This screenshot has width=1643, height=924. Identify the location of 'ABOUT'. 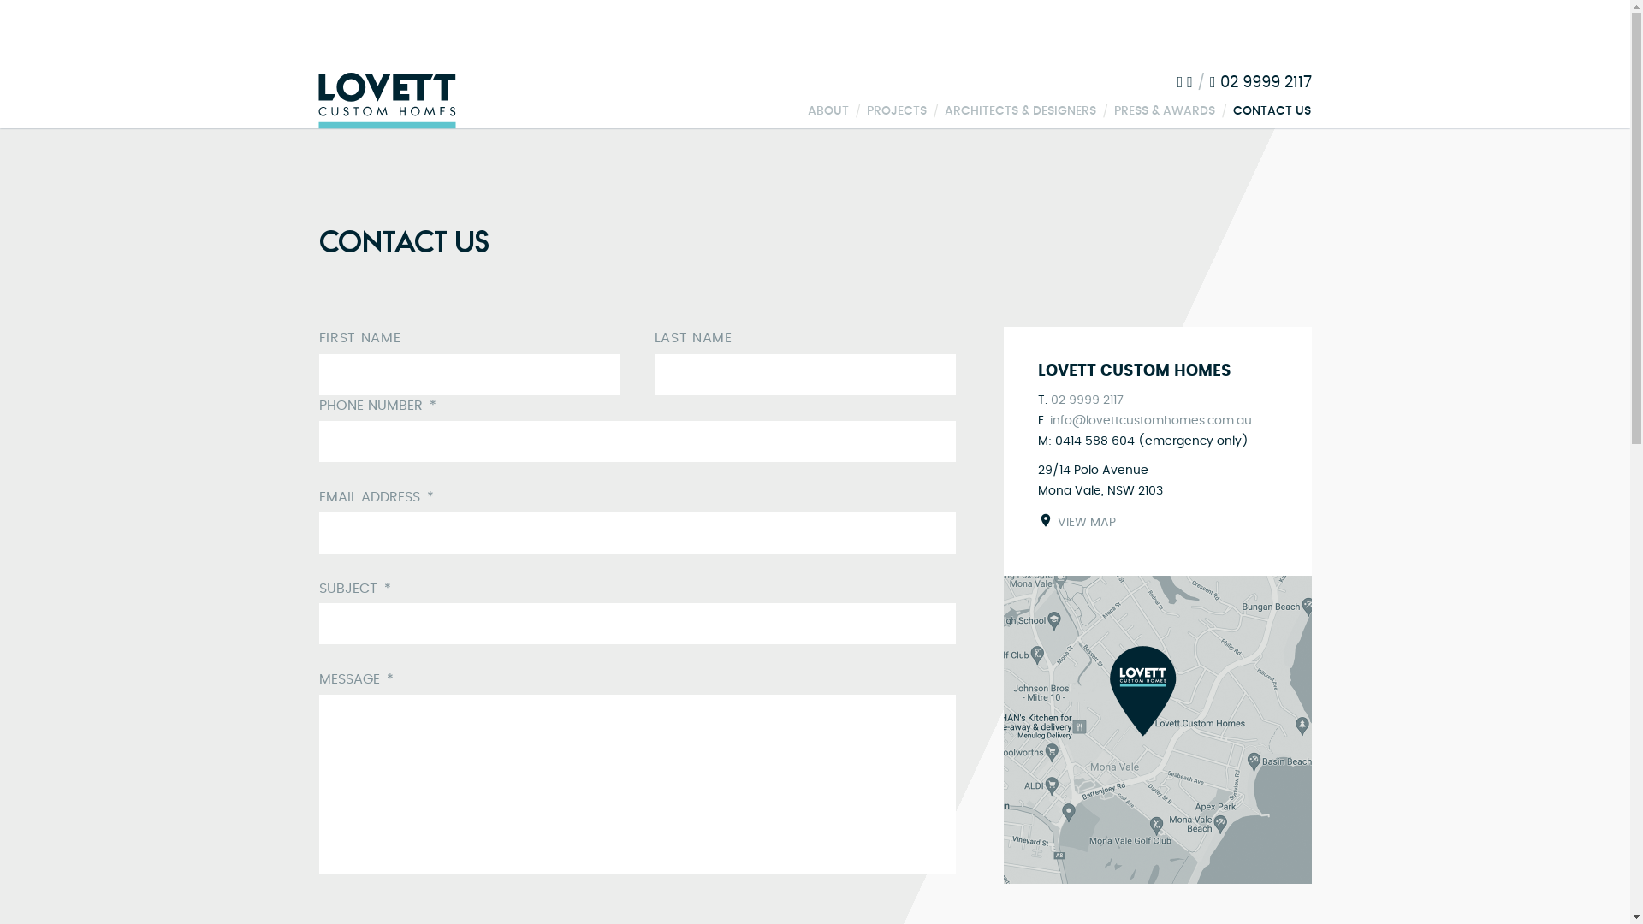
(828, 110).